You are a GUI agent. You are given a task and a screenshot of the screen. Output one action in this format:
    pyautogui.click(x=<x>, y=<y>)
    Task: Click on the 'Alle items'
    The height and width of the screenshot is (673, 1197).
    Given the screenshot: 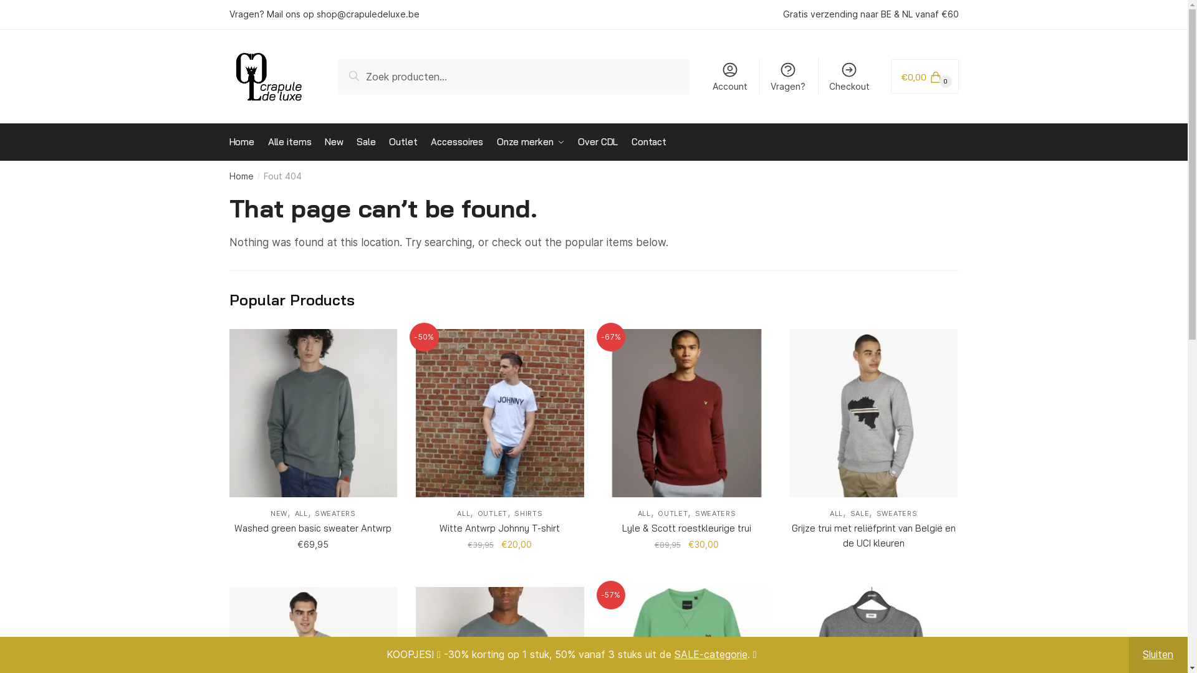 What is the action you would take?
    pyautogui.click(x=289, y=141)
    